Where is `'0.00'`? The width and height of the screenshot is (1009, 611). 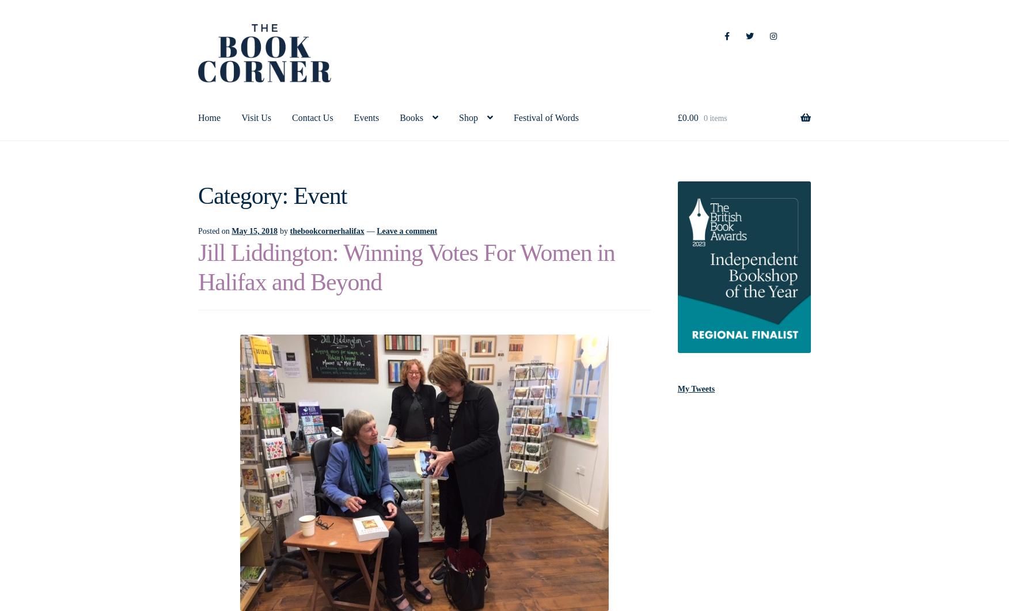
'0.00' is located at coordinates (690, 116).